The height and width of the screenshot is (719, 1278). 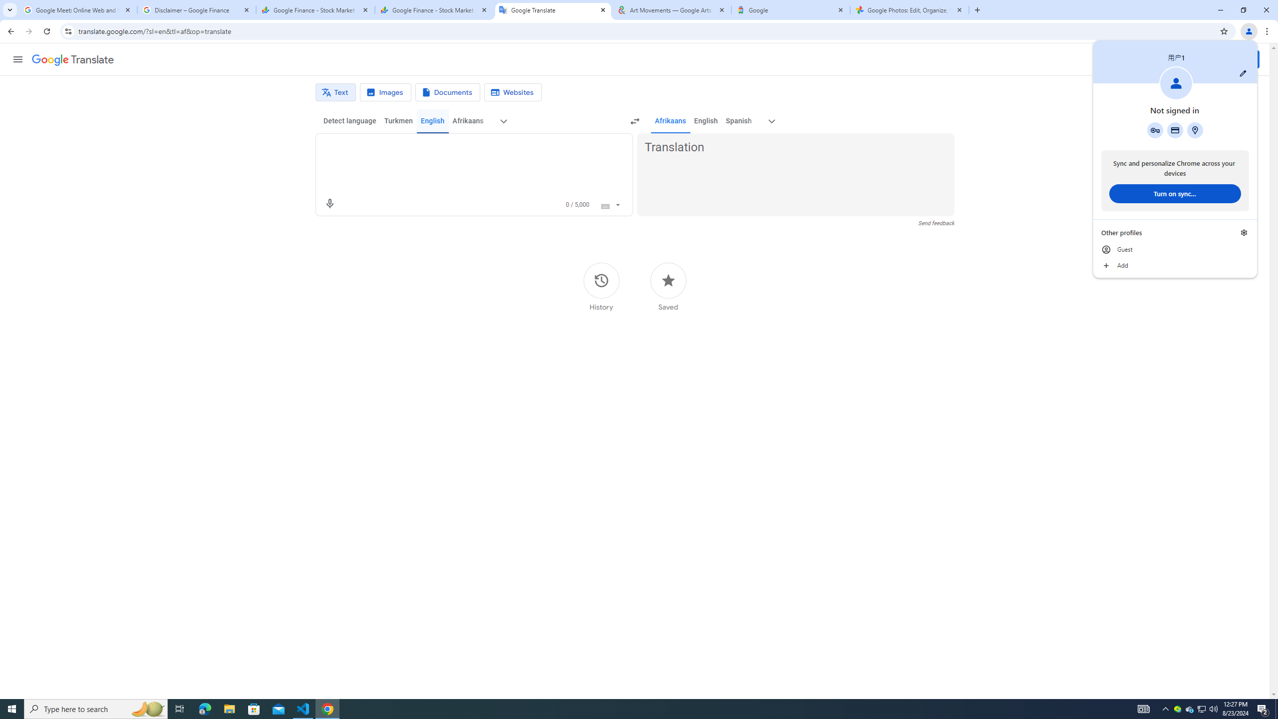 I want to click on 'Payment methods', so click(x=1174, y=130).